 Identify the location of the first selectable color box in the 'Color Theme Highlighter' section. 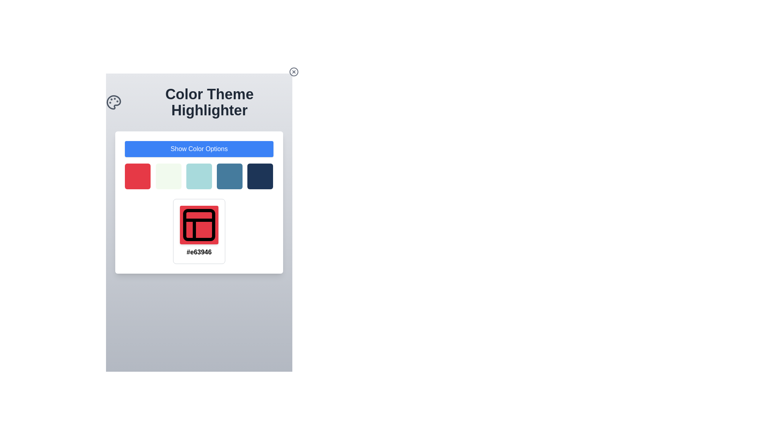
(138, 176).